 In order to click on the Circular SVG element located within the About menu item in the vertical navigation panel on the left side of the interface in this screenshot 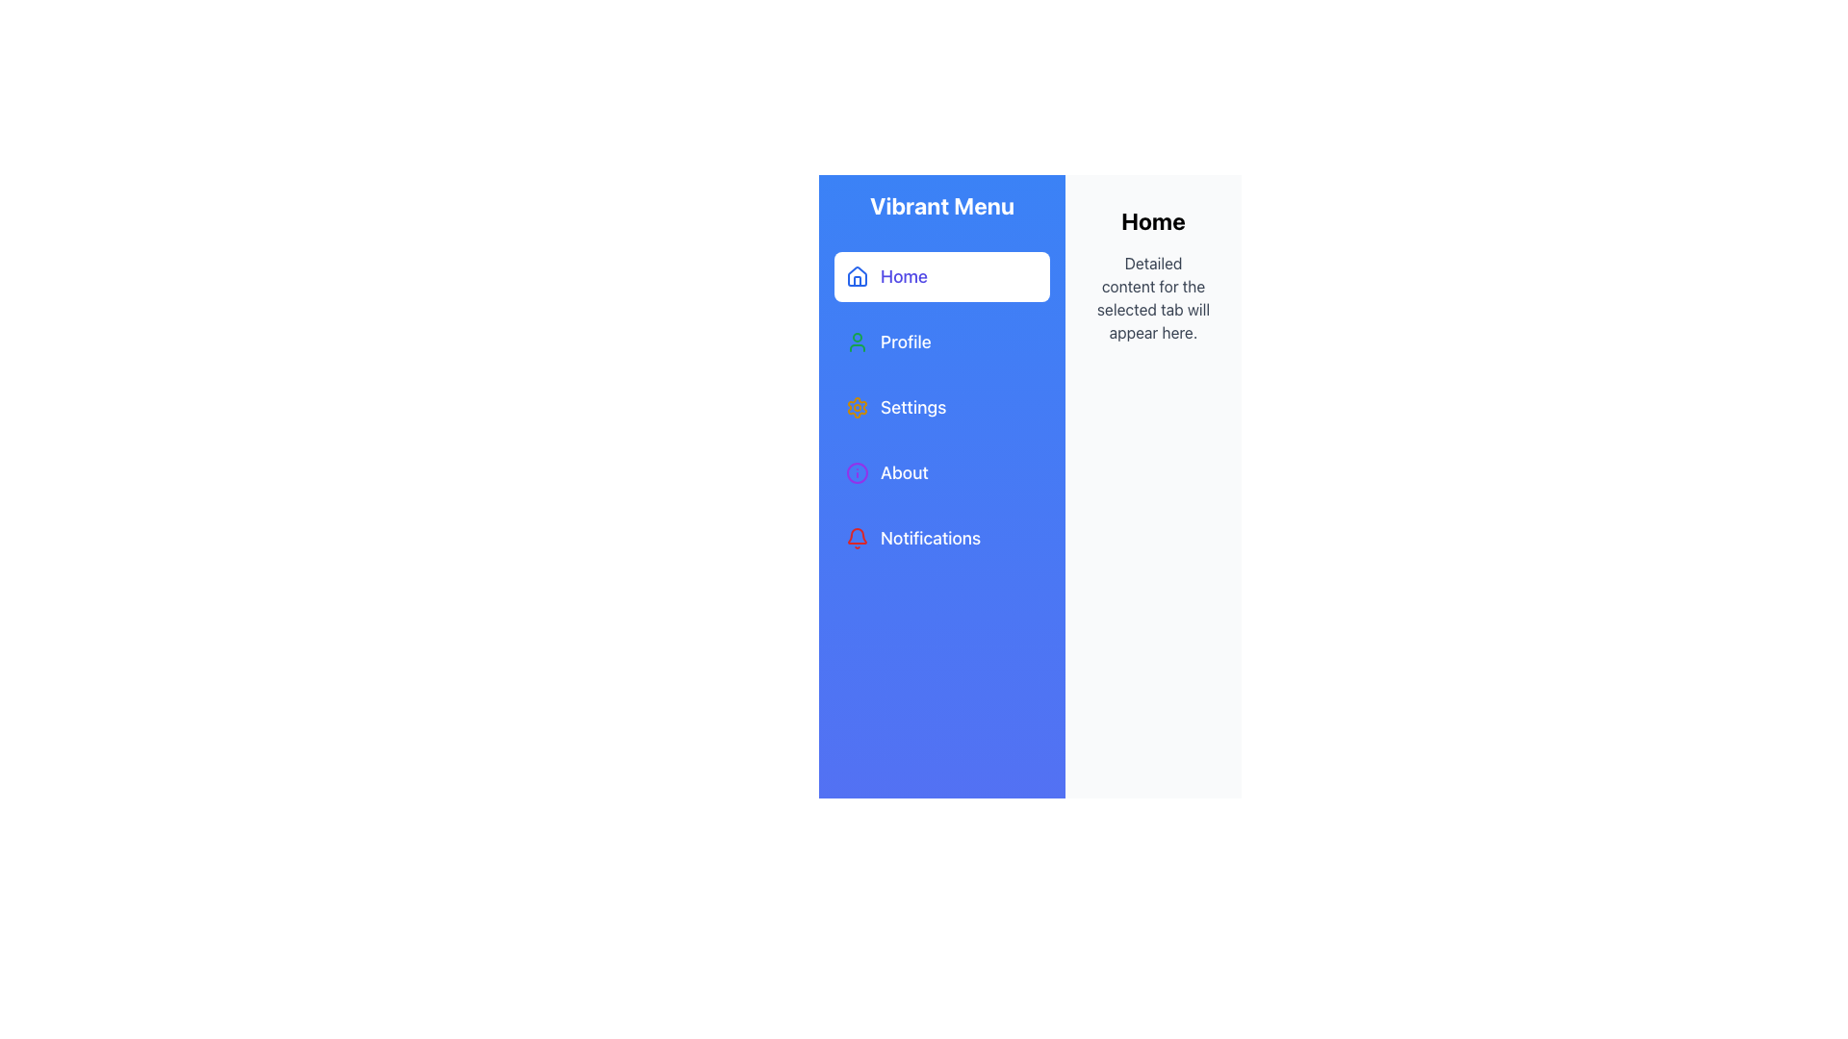, I will do `click(857, 473)`.